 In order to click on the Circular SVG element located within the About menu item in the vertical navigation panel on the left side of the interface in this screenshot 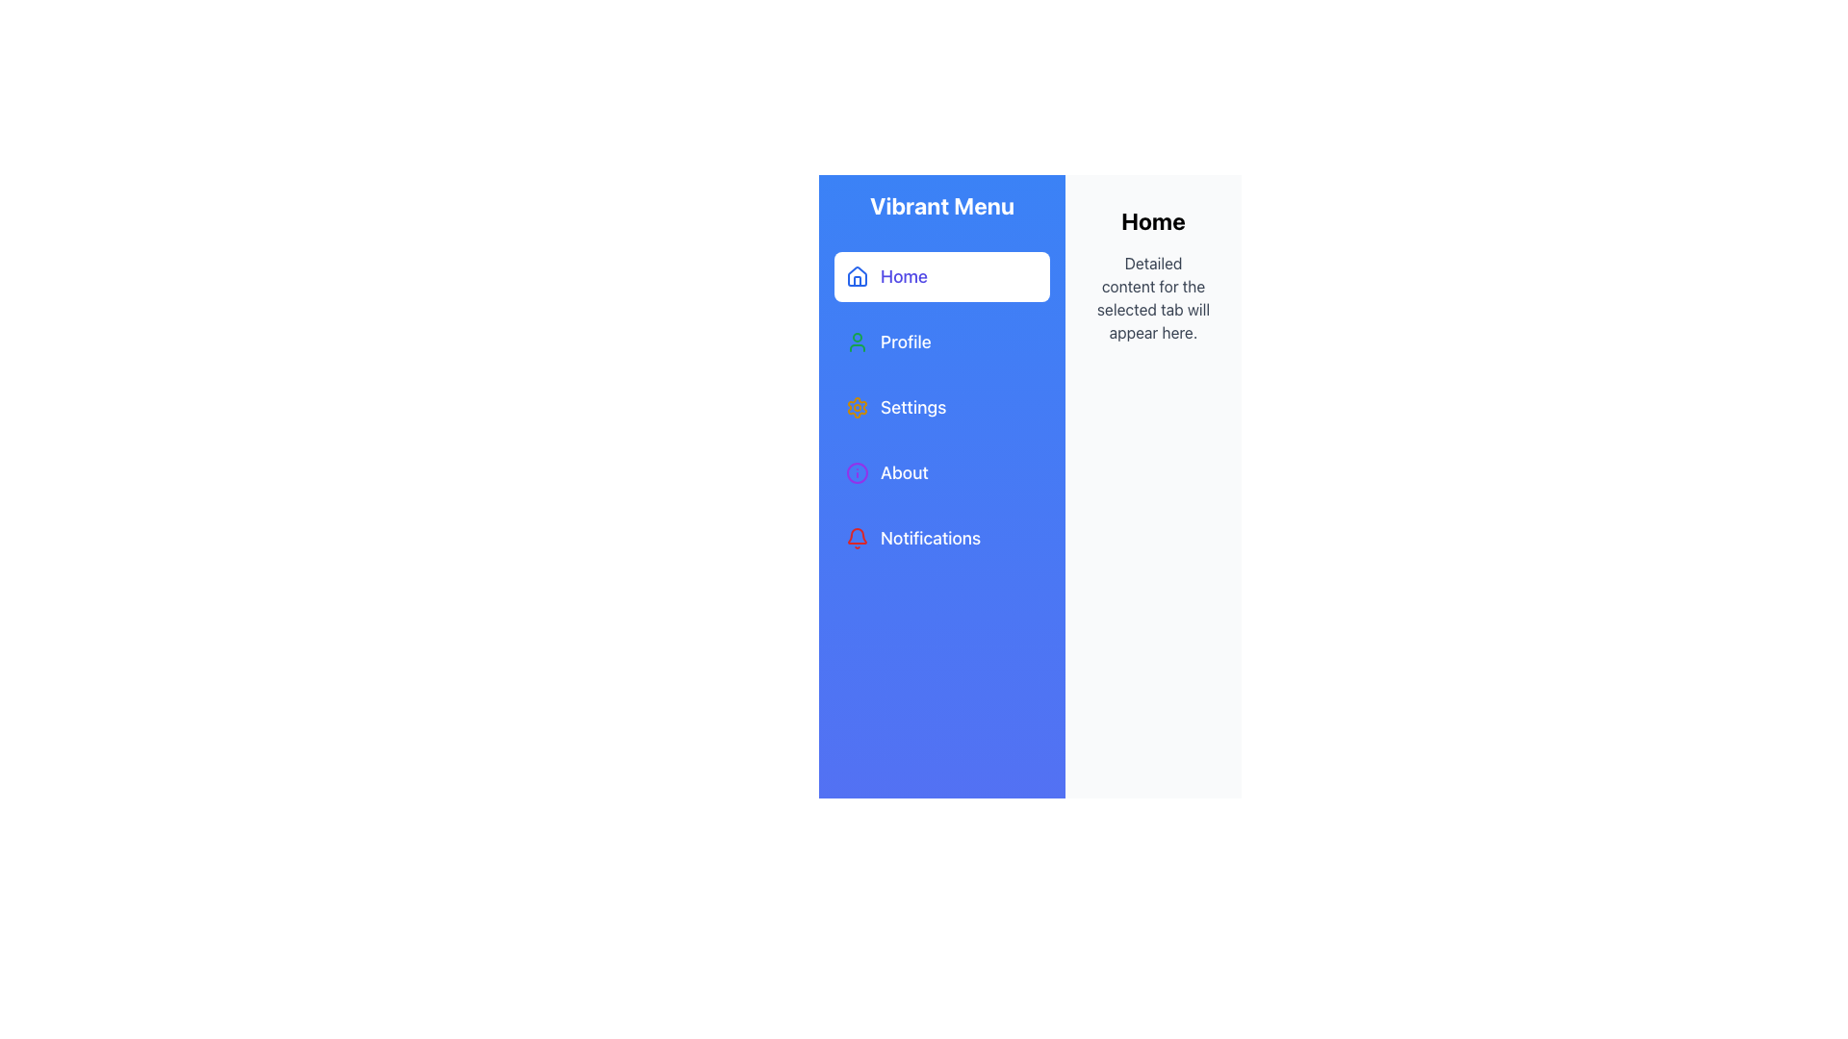, I will do `click(857, 473)`.